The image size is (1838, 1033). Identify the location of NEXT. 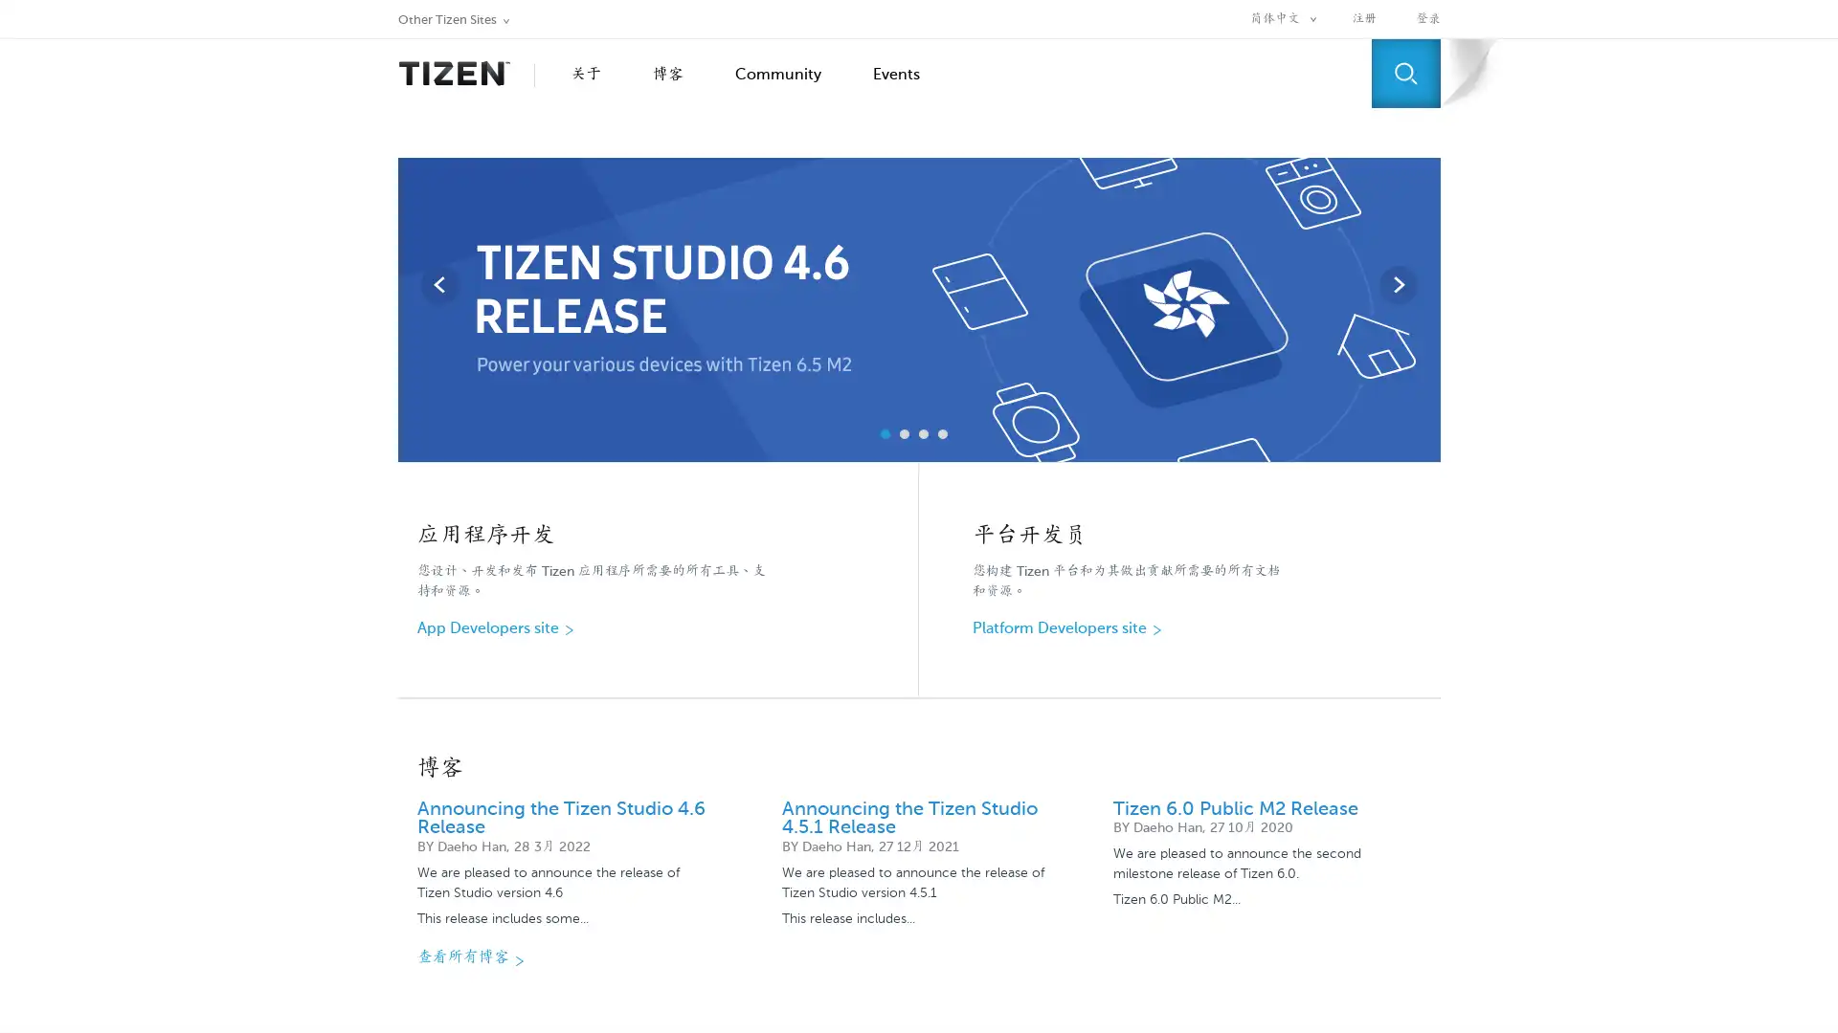
(1397, 284).